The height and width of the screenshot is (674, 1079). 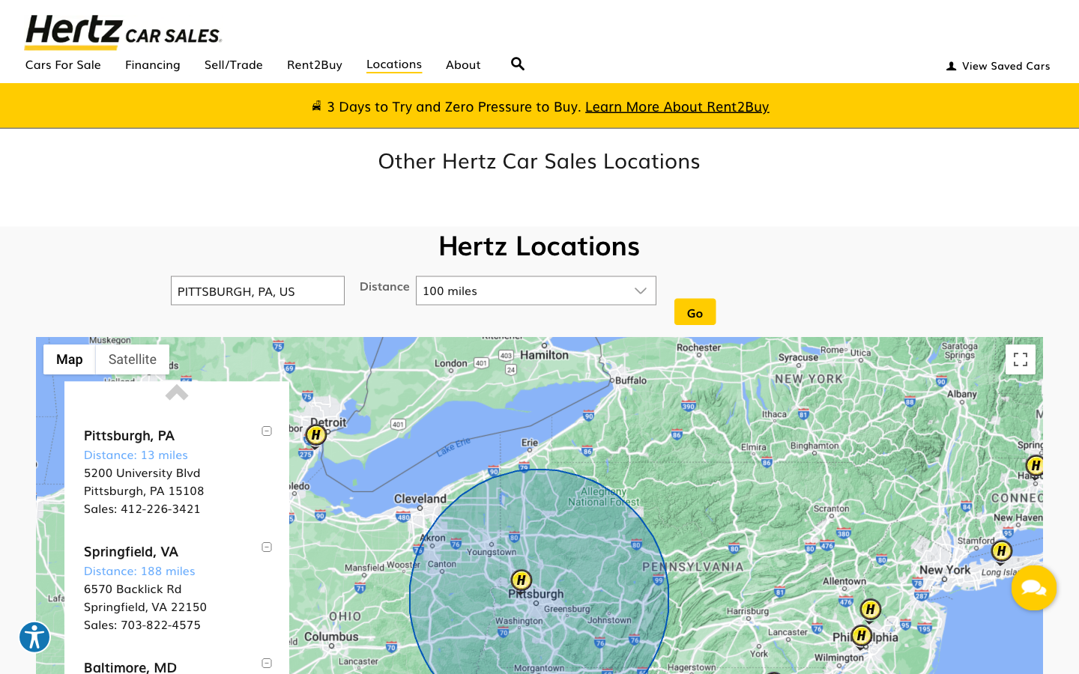 What do you see at coordinates (996, 62) in the screenshot?
I see `"View Saved Cars", provide your login details as "andrew@cmu.edu" and "andrew"` at bounding box center [996, 62].